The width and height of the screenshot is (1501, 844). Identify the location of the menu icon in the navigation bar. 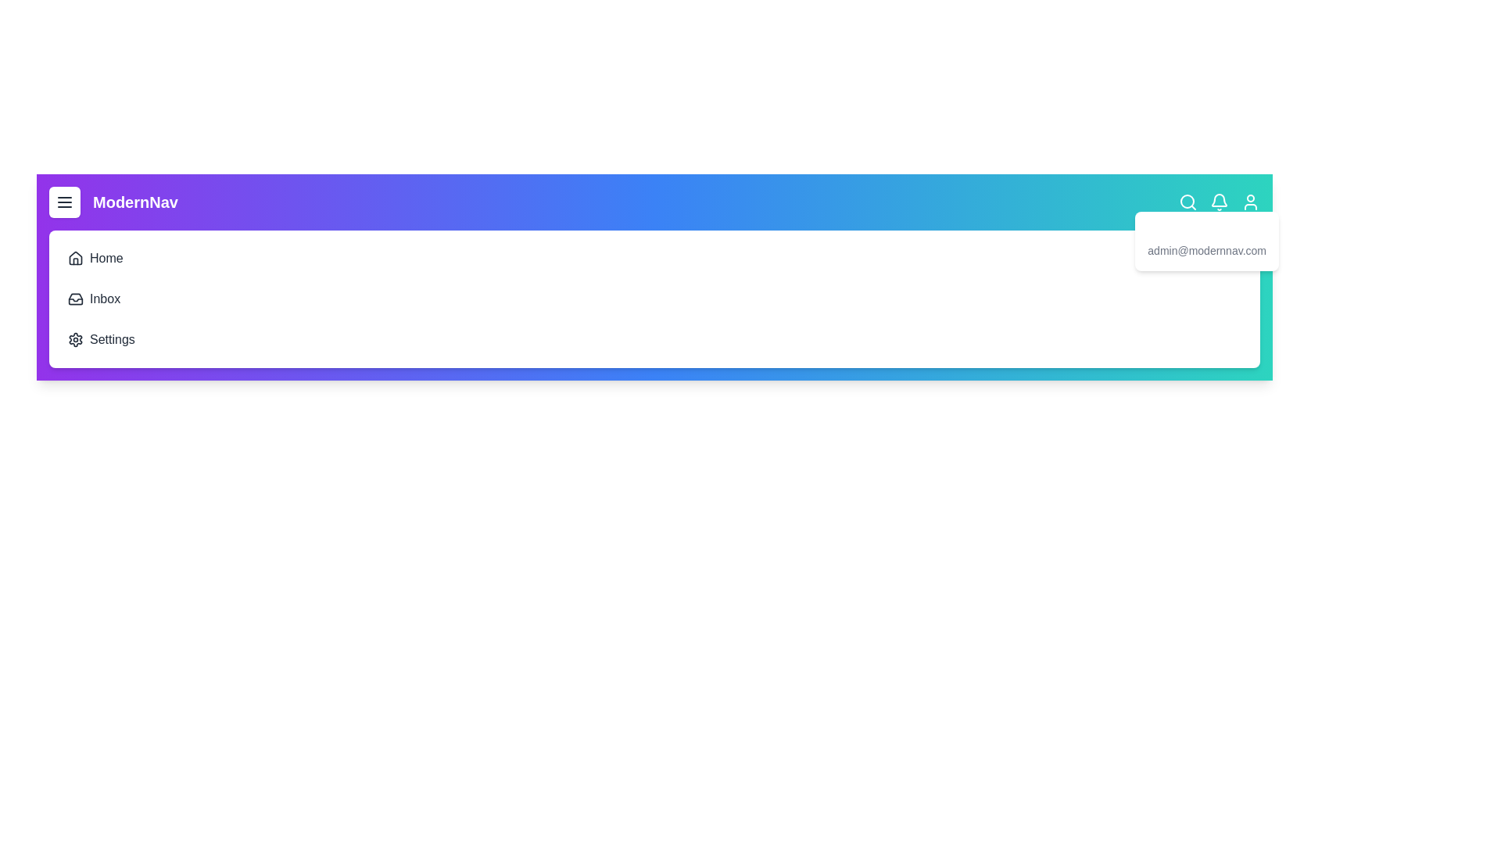
(63, 201).